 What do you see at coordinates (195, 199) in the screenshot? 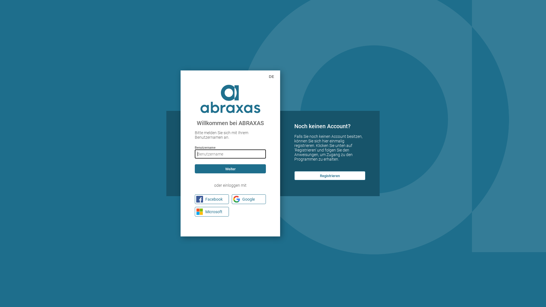
I see `'Facebook'` at bounding box center [195, 199].